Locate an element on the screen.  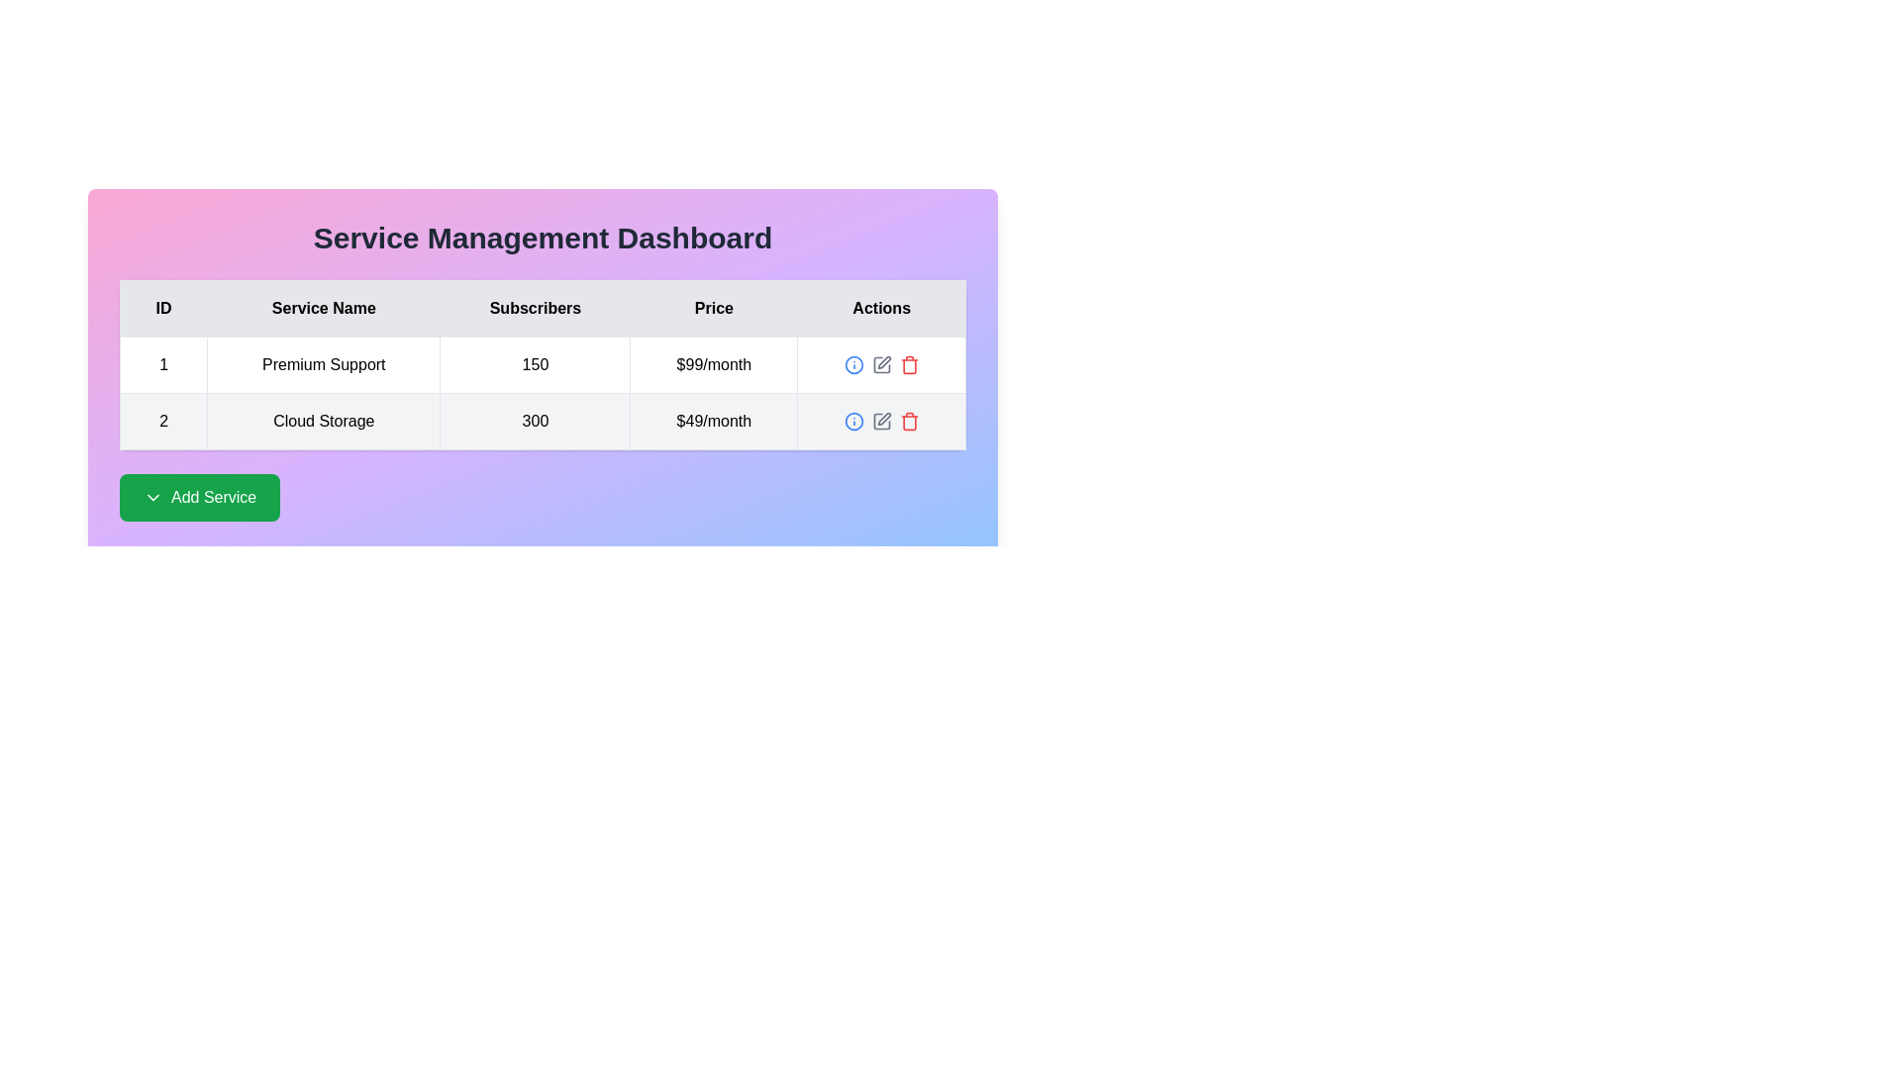
text content of the Static textual table cell displaying 'Premium Support', which is the second cell in the first row under the 'Service Name' column is located at coordinates (324, 365).